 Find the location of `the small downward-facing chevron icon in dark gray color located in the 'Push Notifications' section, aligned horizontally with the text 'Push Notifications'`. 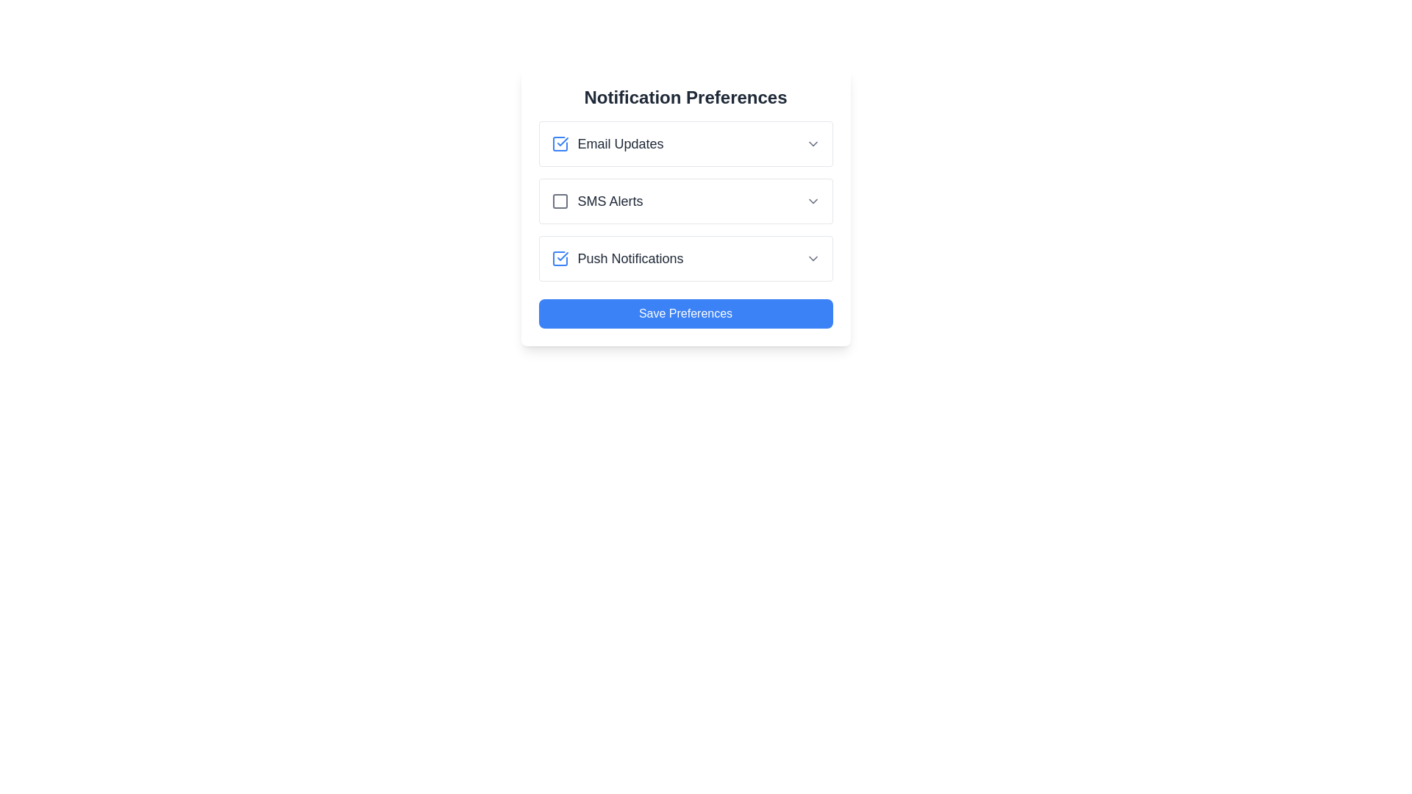

the small downward-facing chevron icon in dark gray color located in the 'Push Notifications' section, aligned horizontally with the text 'Push Notifications' is located at coordinates (812, 257).